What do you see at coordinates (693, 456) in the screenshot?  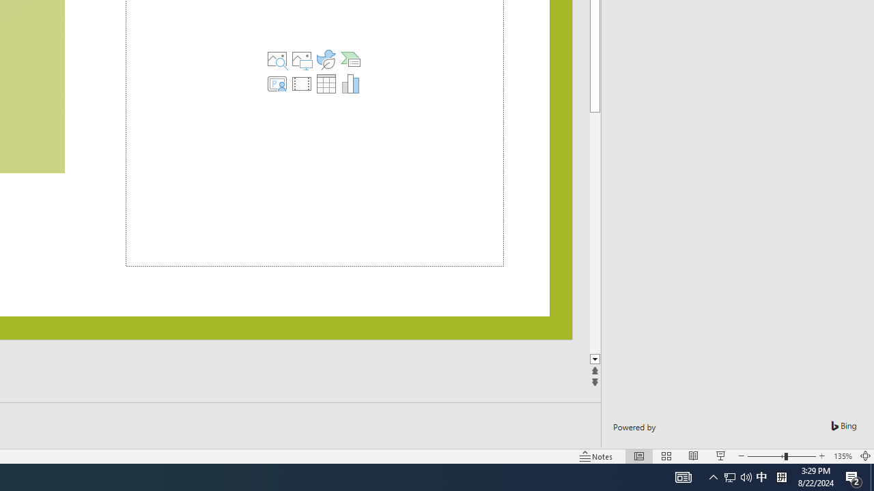 I see `'Reading View'` at bounding box center [693, 456].